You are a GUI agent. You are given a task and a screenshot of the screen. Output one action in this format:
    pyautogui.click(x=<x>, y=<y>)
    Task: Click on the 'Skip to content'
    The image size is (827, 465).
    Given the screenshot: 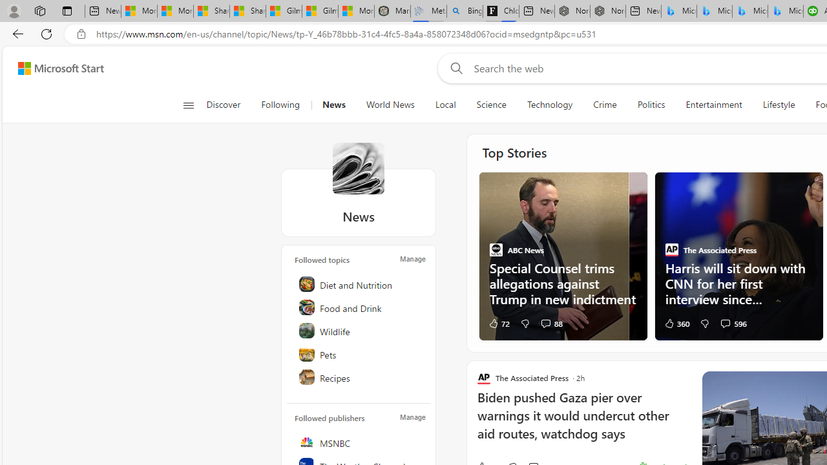 What is the action you would take?
    pyautogui.click(x=56, y=68)
    